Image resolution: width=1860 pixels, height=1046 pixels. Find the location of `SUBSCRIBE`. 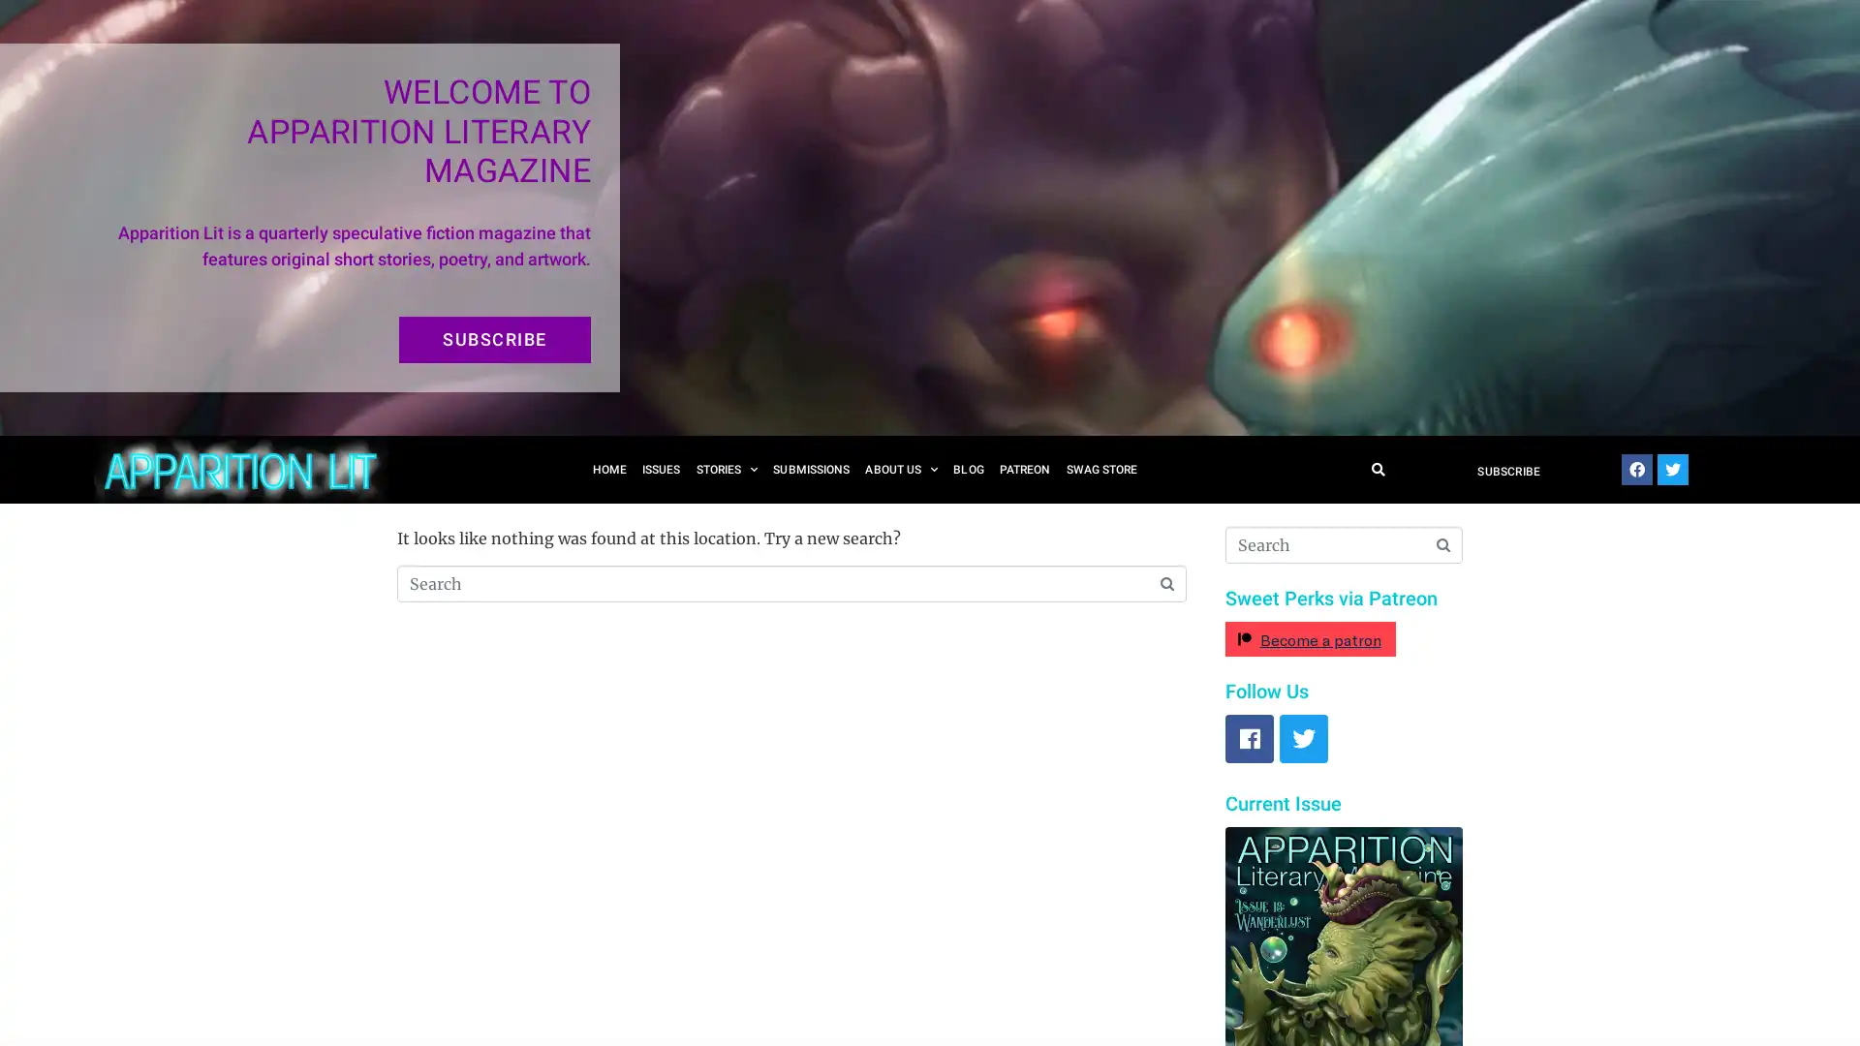

SUBSCRIBE is located at coordinates (494, 339).